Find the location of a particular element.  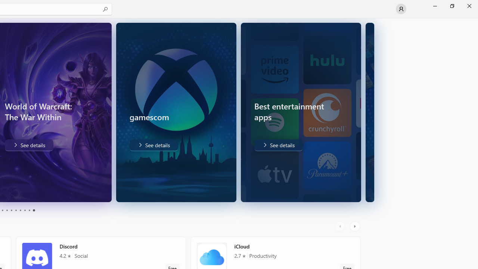

'AutomationID: LeftScrollButton' is located at coordinates (341, 226).